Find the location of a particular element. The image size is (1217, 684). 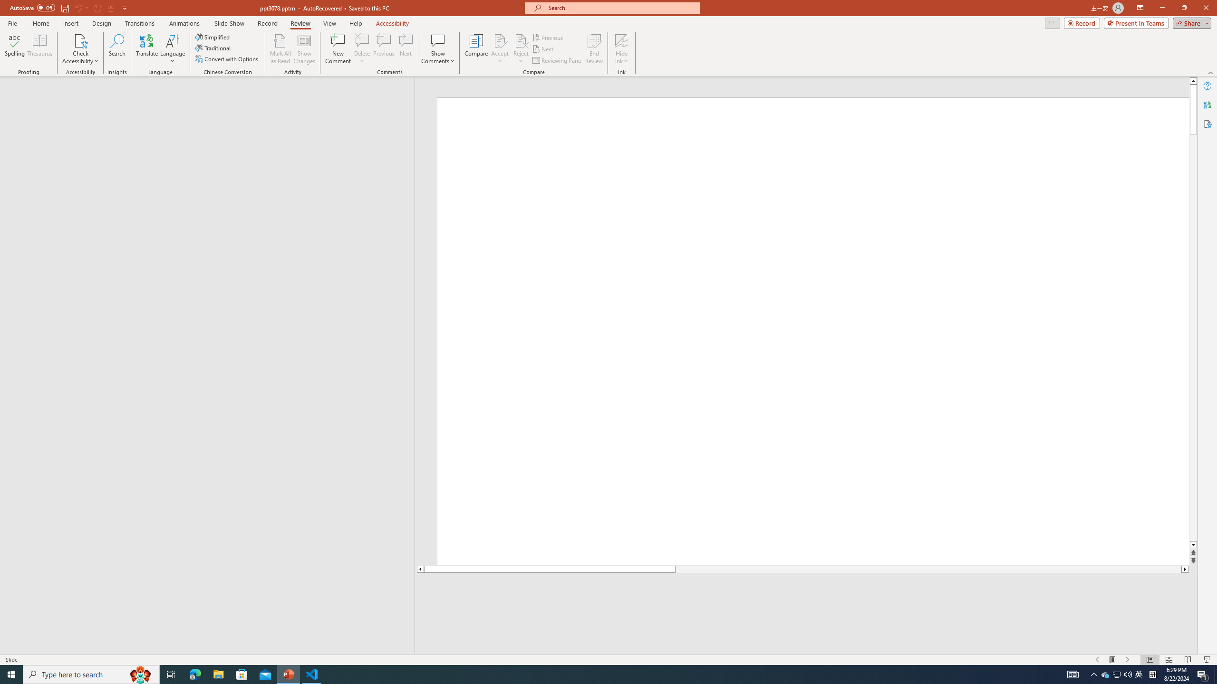

'Menu On' is located at coordinates (1112, 660).